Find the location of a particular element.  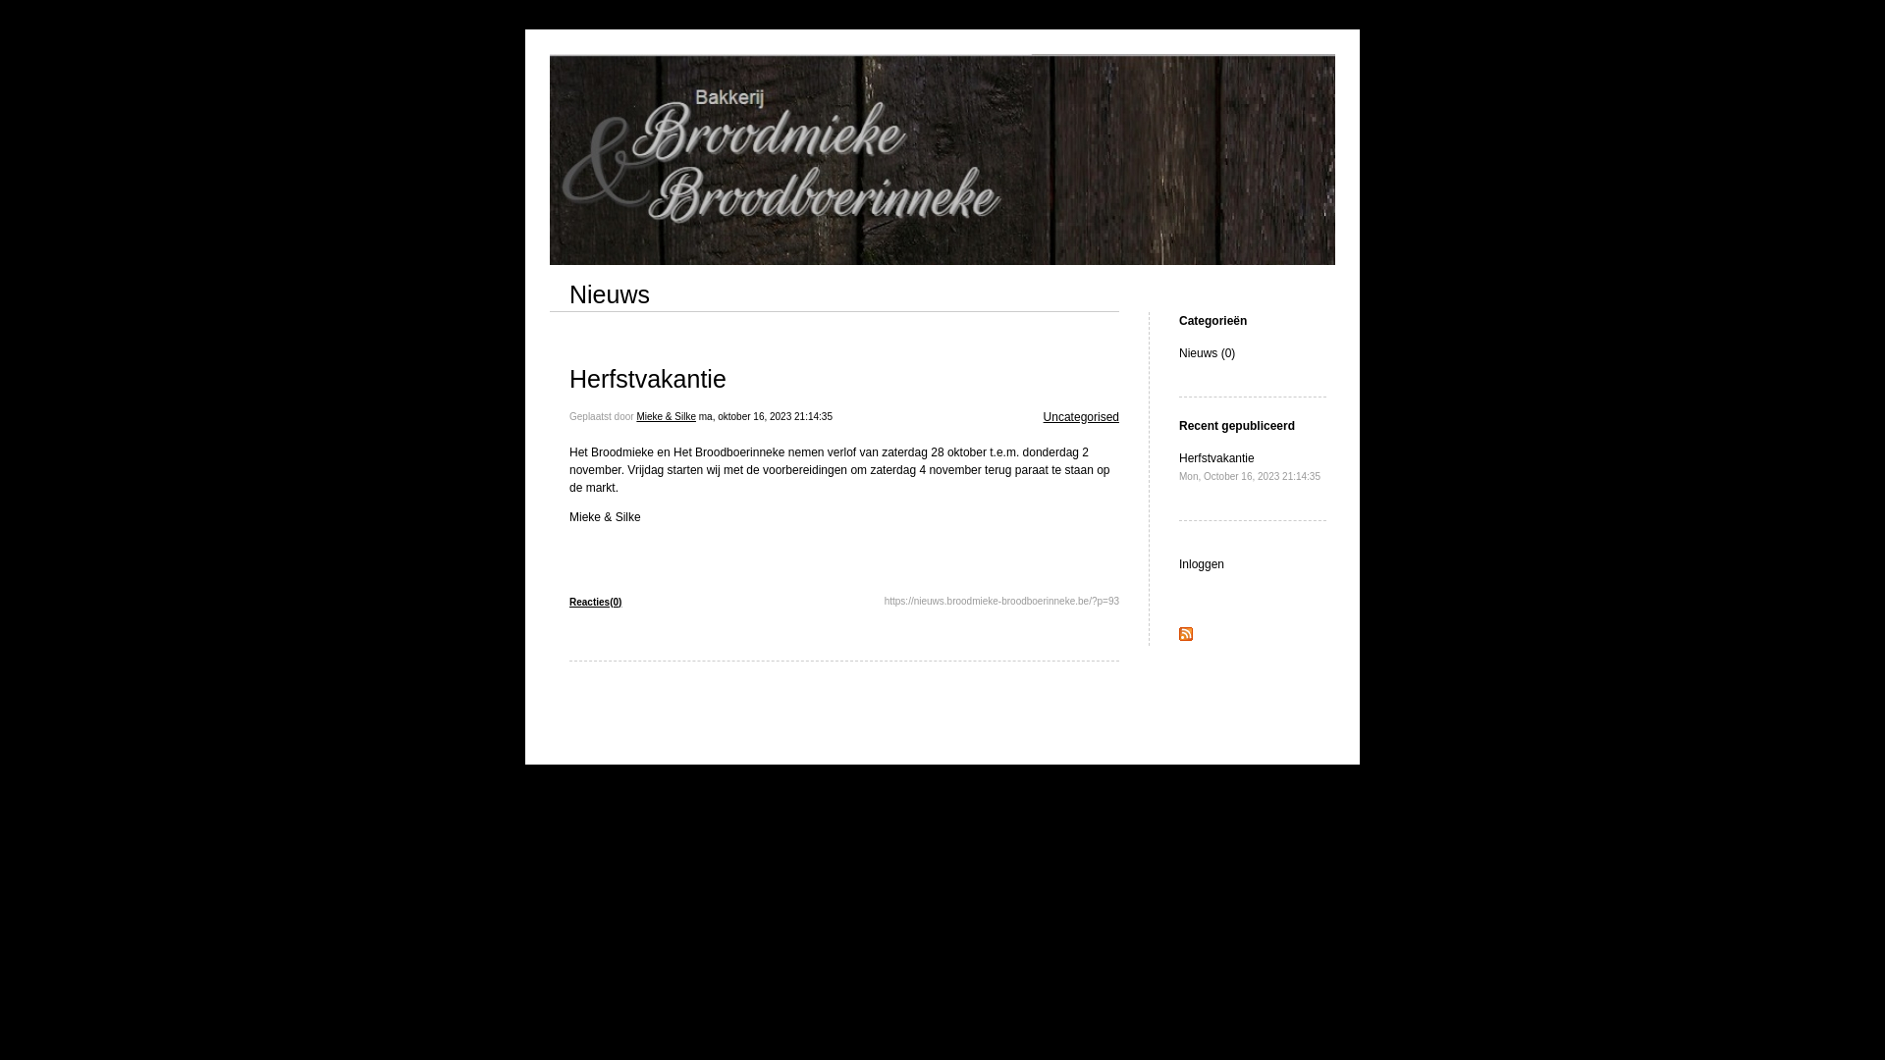

'Mieke & Silke' is located at coordinates (666, 415).